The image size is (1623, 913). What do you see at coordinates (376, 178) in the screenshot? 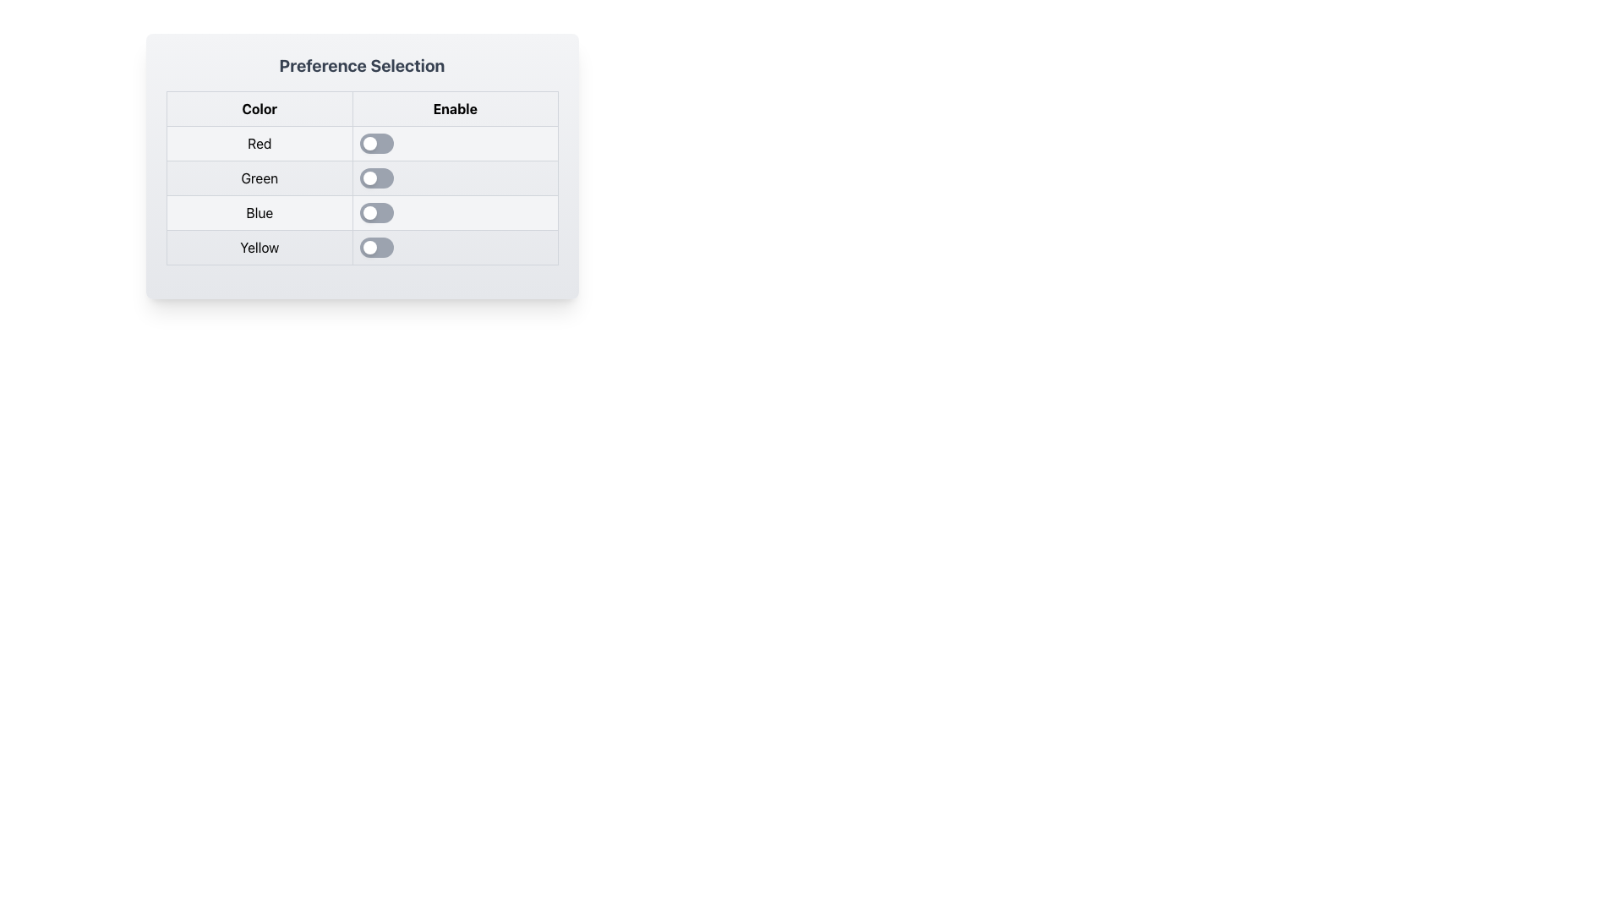
I see `the circular white thumb of the toggle switch in the 'Enable' column for the 'Green' option` at bounding box center [376, 178].